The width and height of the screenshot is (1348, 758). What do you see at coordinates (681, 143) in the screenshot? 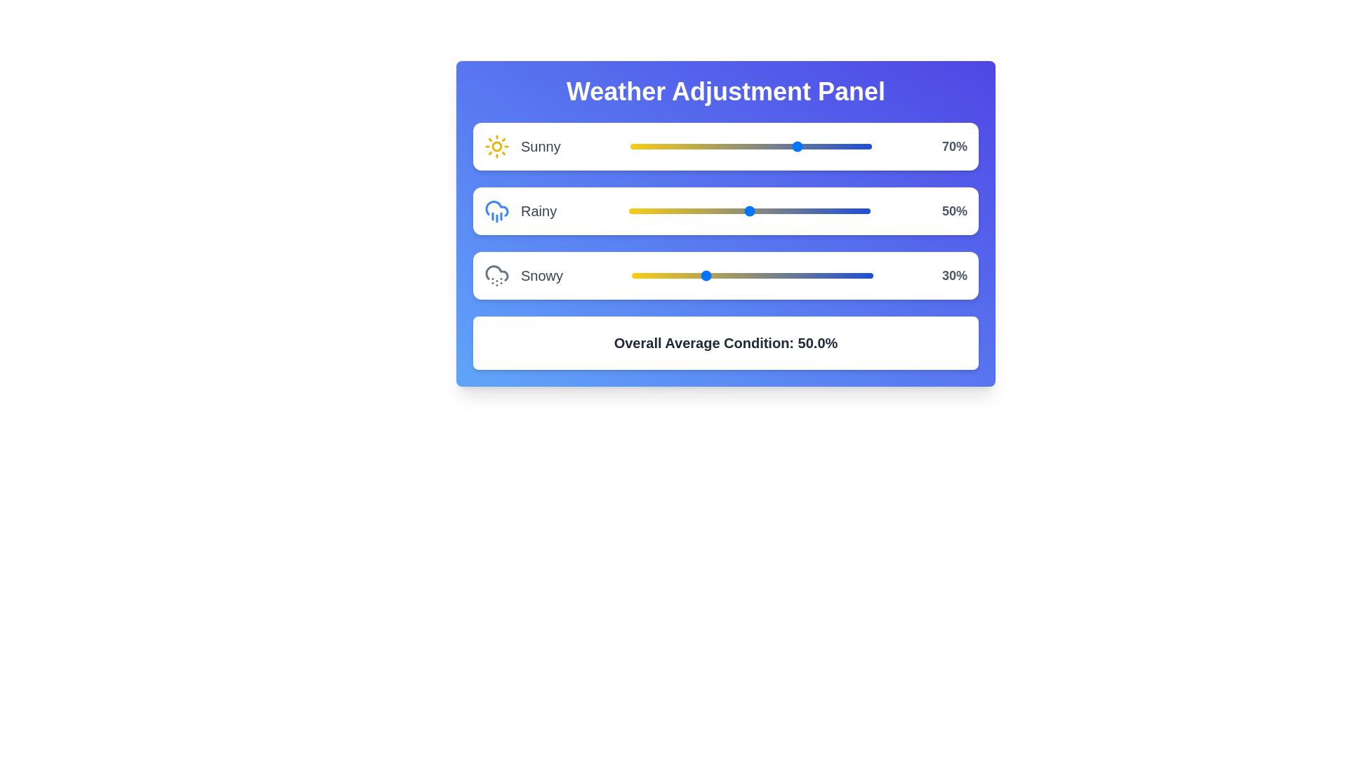
I see `the 'Sunny' slider` at bounding box center [681, 143].